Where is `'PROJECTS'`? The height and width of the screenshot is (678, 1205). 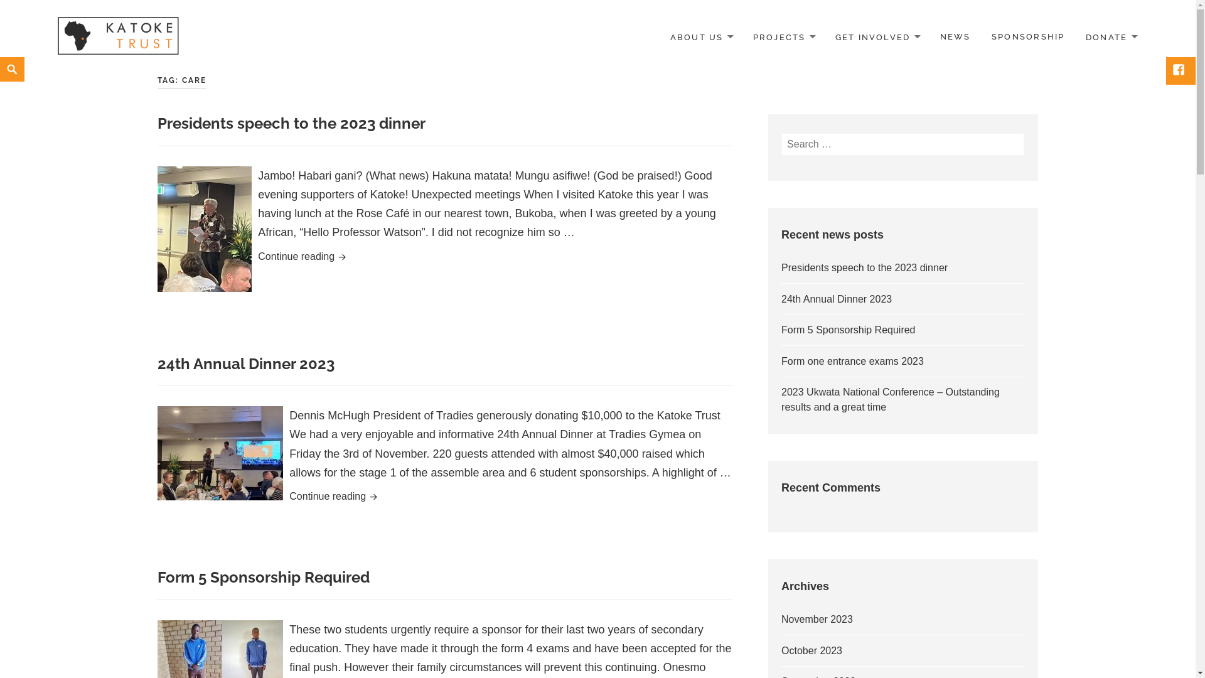 'PROJECTS' is located at coordinates (783, 36).